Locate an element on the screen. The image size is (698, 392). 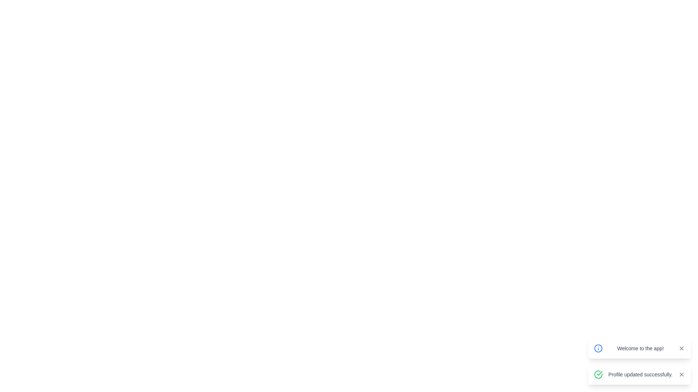
message content of the notification stating 'Profile updated successfully.' which is displayed in the second notification panel at the bottom-right of the interface is located at coordinates (640, 375).